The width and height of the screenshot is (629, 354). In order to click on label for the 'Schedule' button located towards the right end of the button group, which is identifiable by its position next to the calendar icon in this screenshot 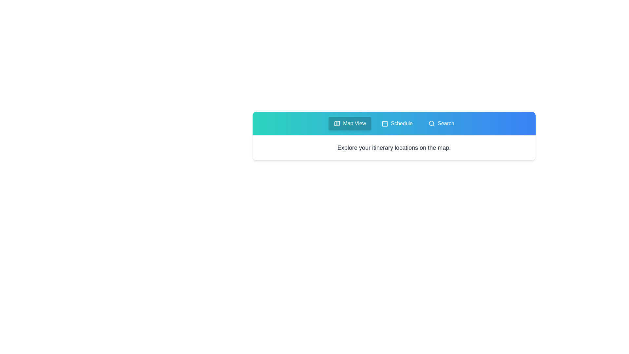, I will do `click(401, 124)`.